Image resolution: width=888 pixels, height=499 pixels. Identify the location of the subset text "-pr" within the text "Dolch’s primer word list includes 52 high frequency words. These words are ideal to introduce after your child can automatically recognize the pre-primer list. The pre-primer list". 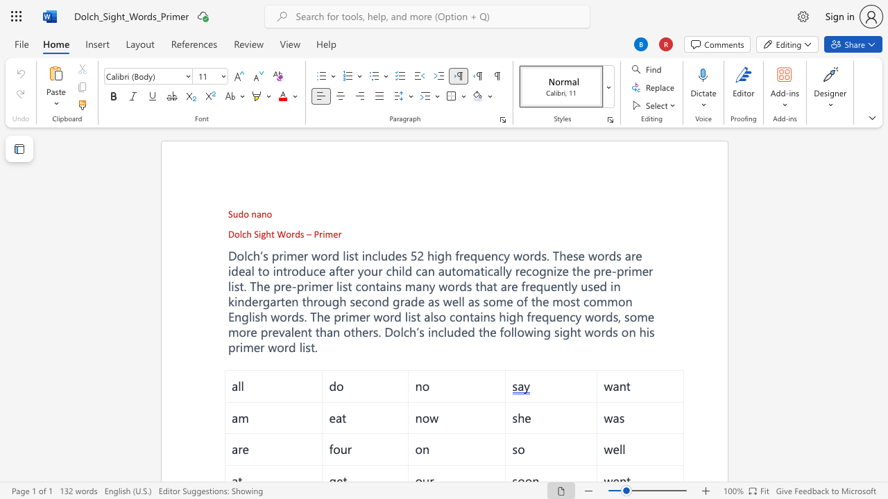
(291, 285).